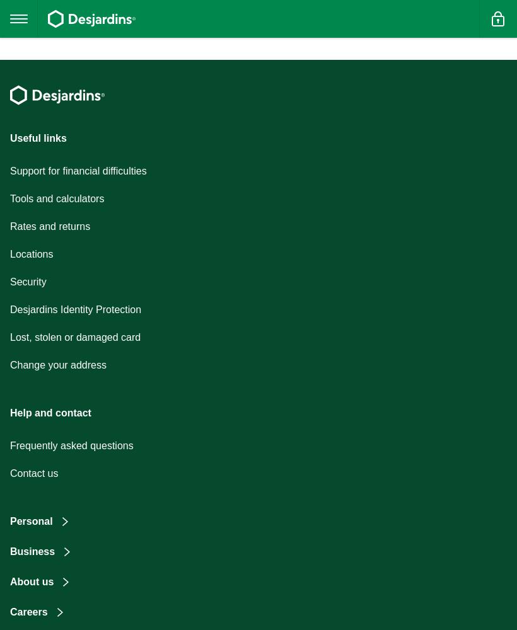 The image size is (517, 630). Describe the element at coordinates (30, 520) in the screenshot. I see `'Personal'` at that location.